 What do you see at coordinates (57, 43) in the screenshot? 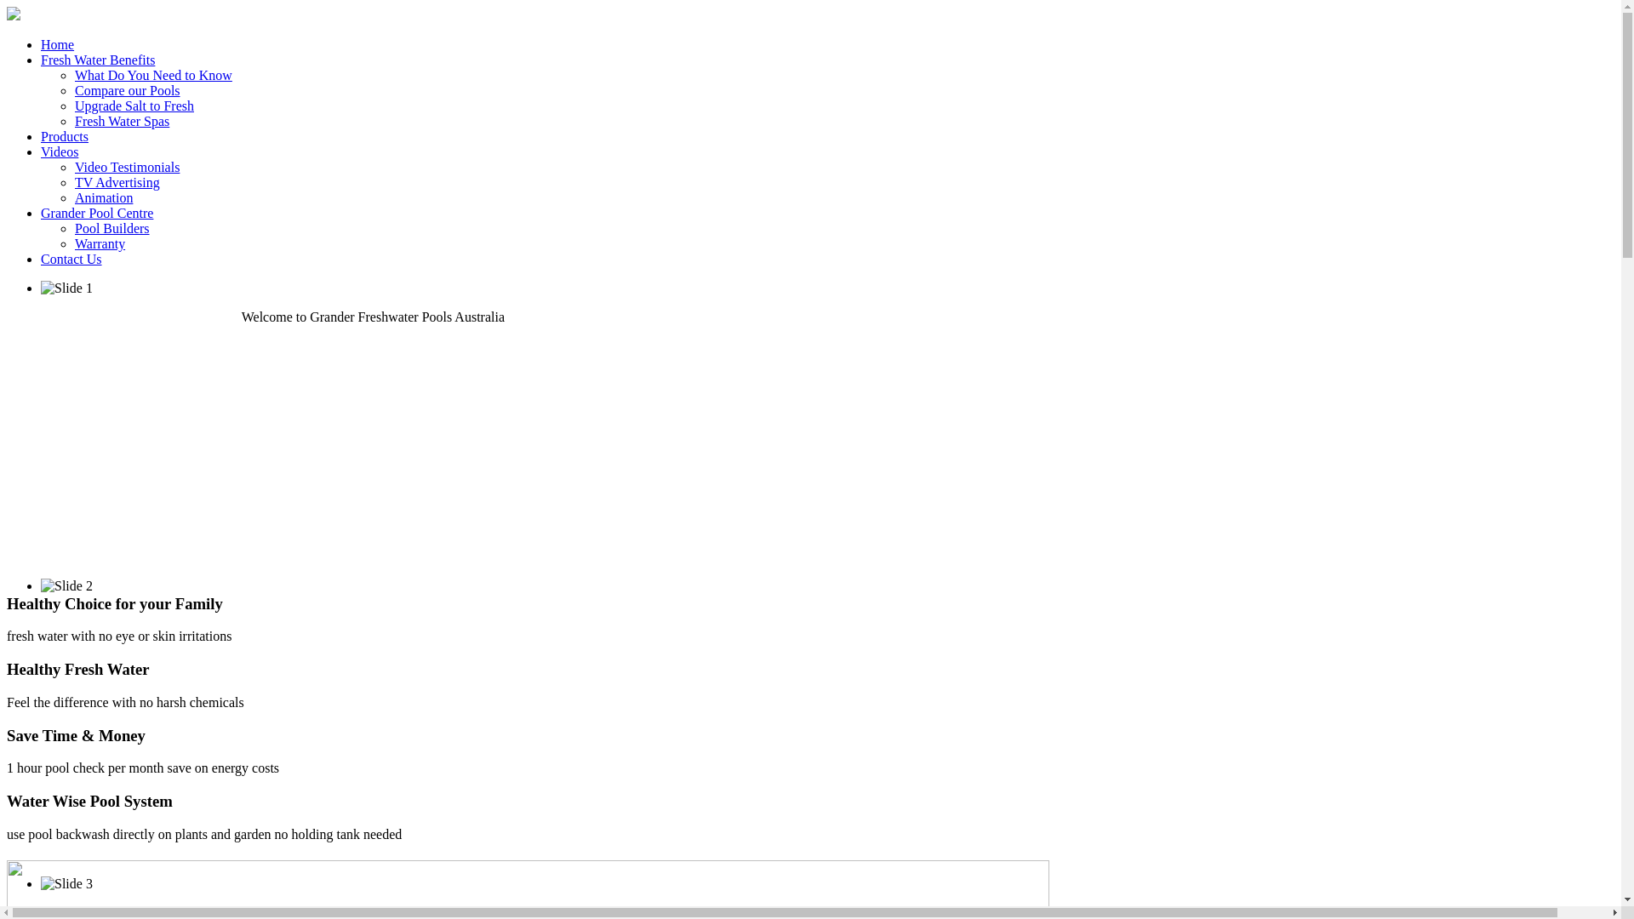
I see `'Home'` at bounding box center [57, 43].